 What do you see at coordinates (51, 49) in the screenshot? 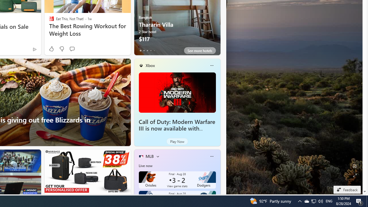
I see `'Like'` at bounding box center [51, 49].